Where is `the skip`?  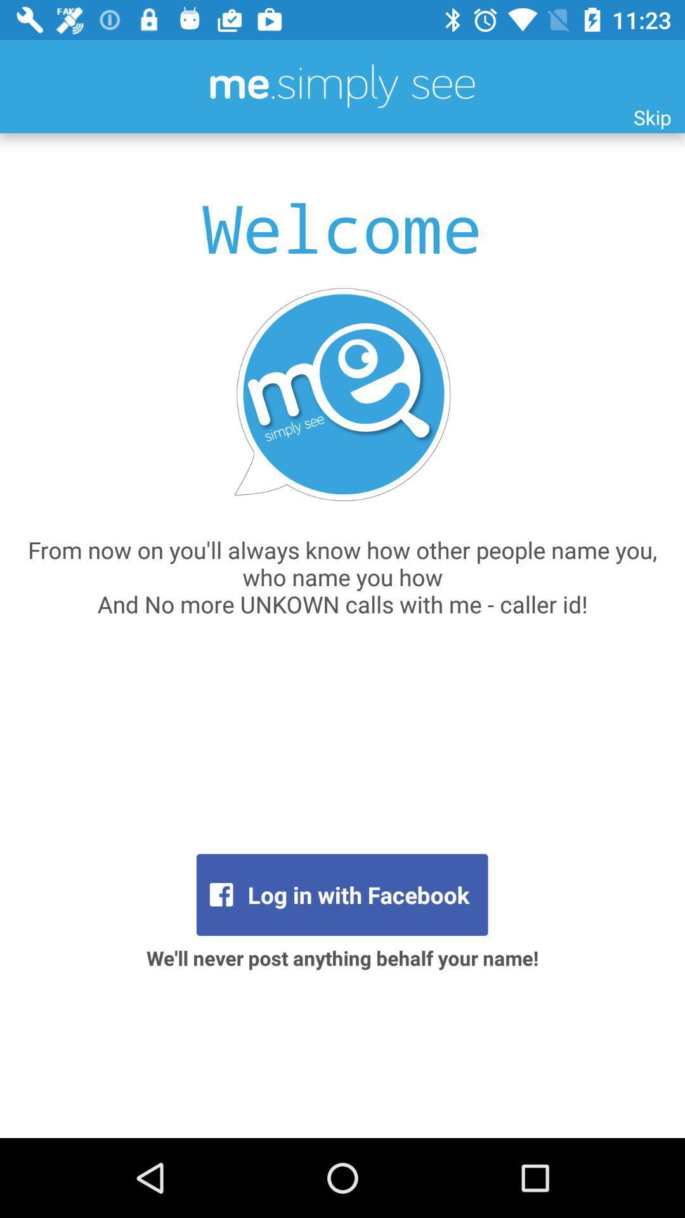 the skip is located at coordinates (653, 117).